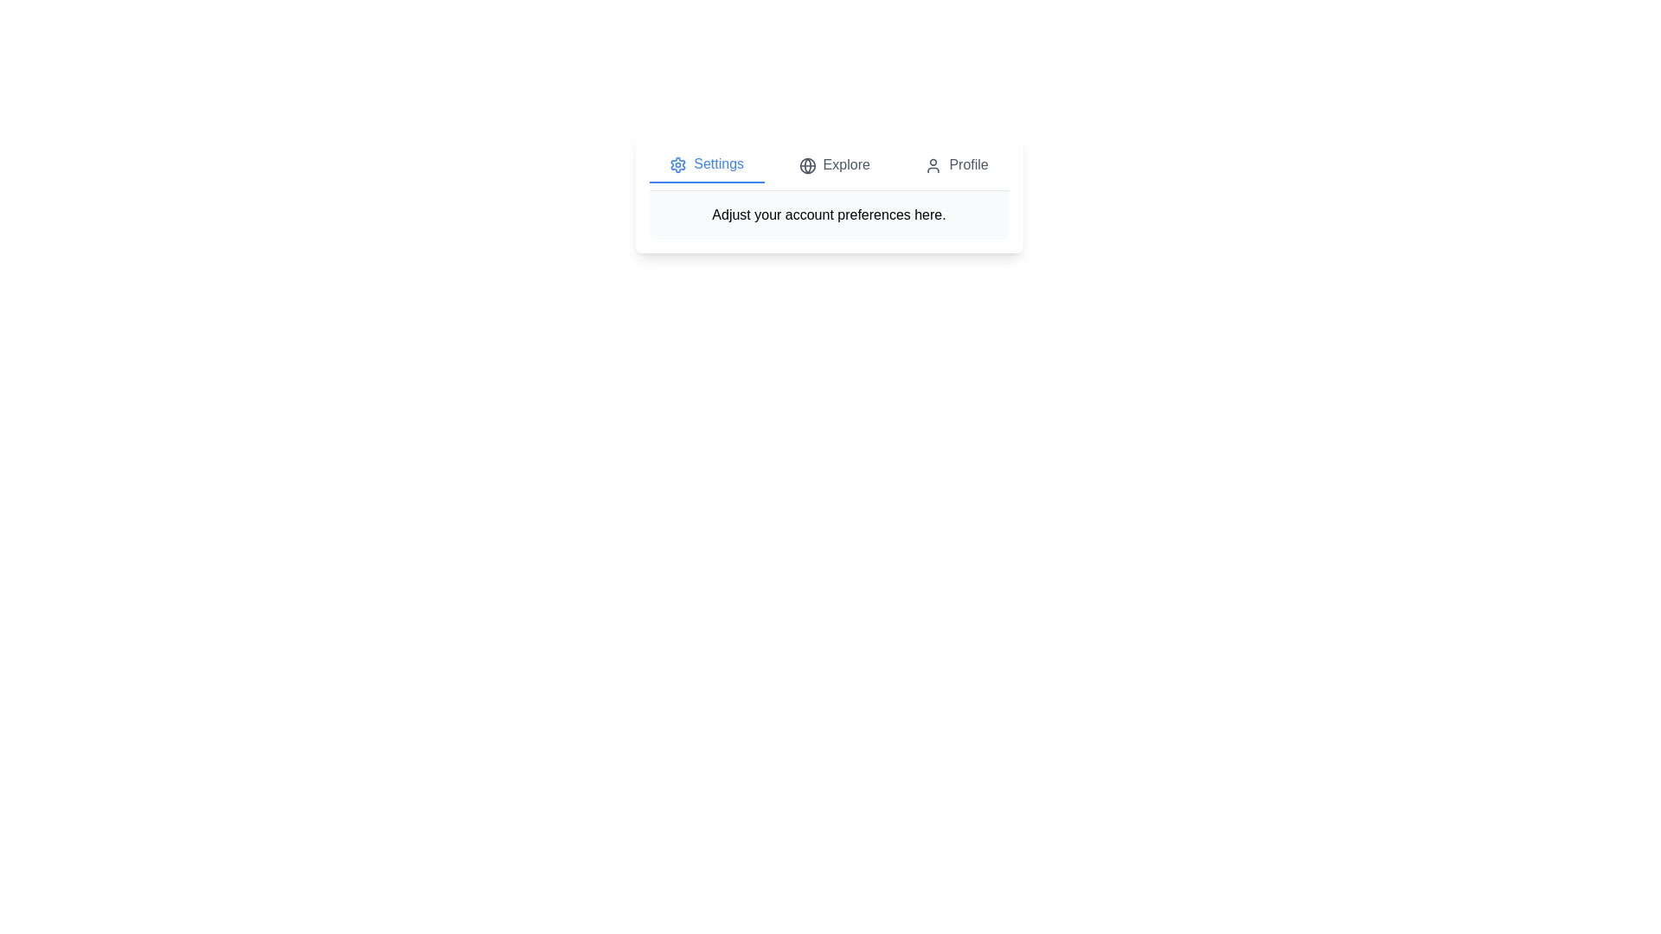  What do you see at coordinates (955, 165) in the screenshot?
I see `the Profile tab to observe visual feedback` at bounding box center [955, 165].